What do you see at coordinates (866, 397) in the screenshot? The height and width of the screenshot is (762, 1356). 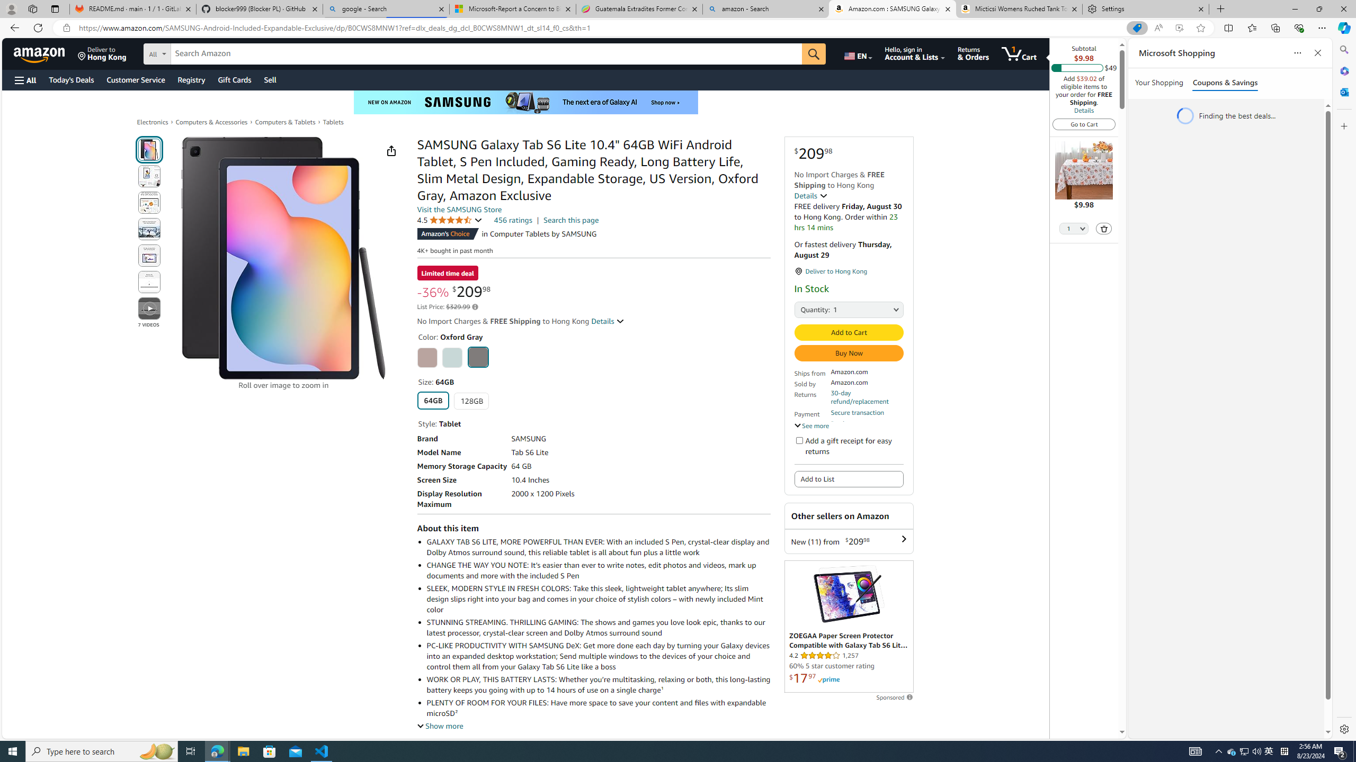 I see `'30-day refund/replacement'` at bounding box center [866, 397].